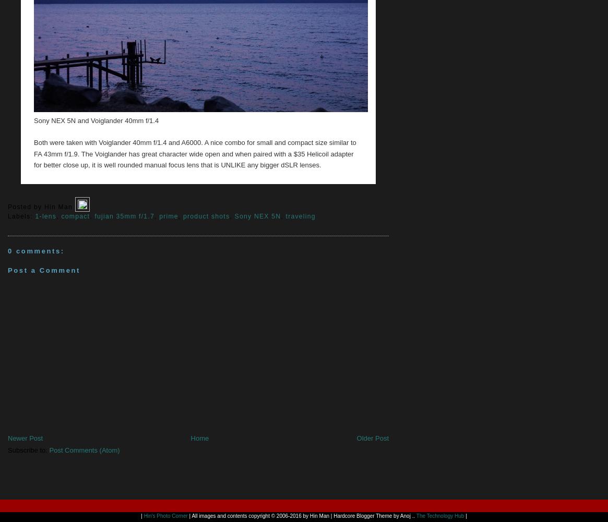  I want to click on 'Home', so click(199, 437).